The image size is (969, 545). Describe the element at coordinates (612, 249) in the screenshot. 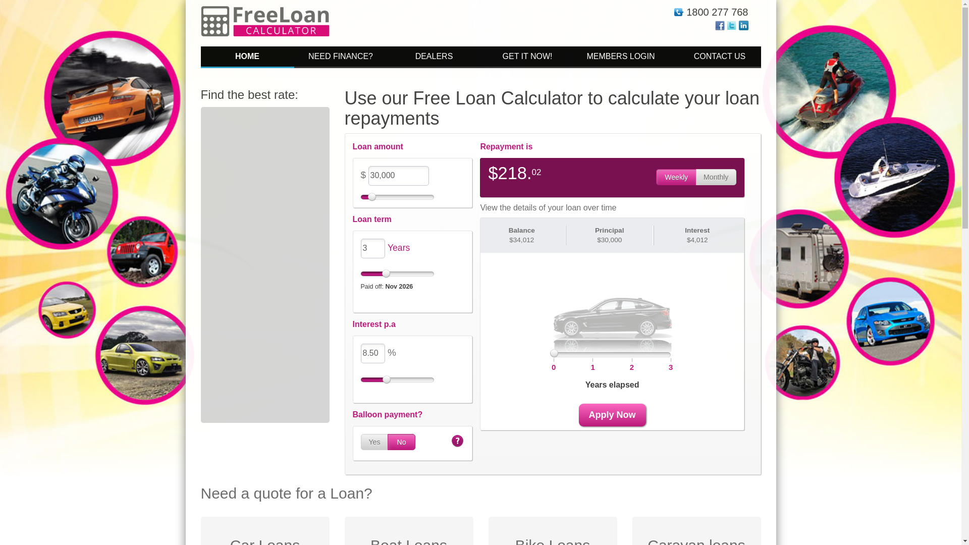

I see `'Submit'` at that location.